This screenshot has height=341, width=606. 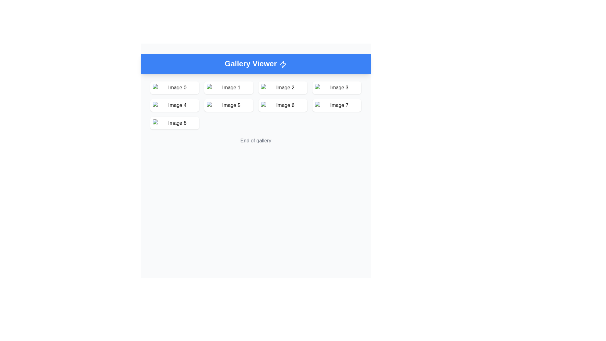 What do you see at coordinates (283, 64) in the screenshot?
I see `the lightning bolt icon located on the right side of the blue header bar labeled 'Gallery Viewer'` at bounding box center [283, 64].